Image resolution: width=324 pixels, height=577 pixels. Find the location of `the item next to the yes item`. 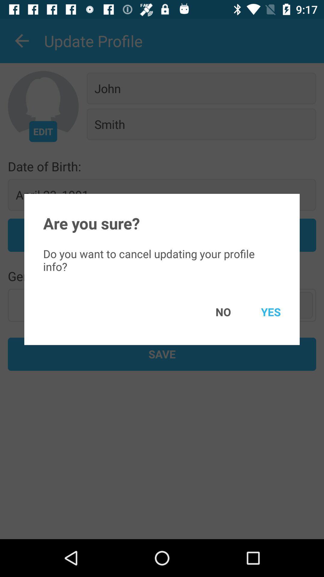

the item next to the yes item is located at coordinates (214, 312).